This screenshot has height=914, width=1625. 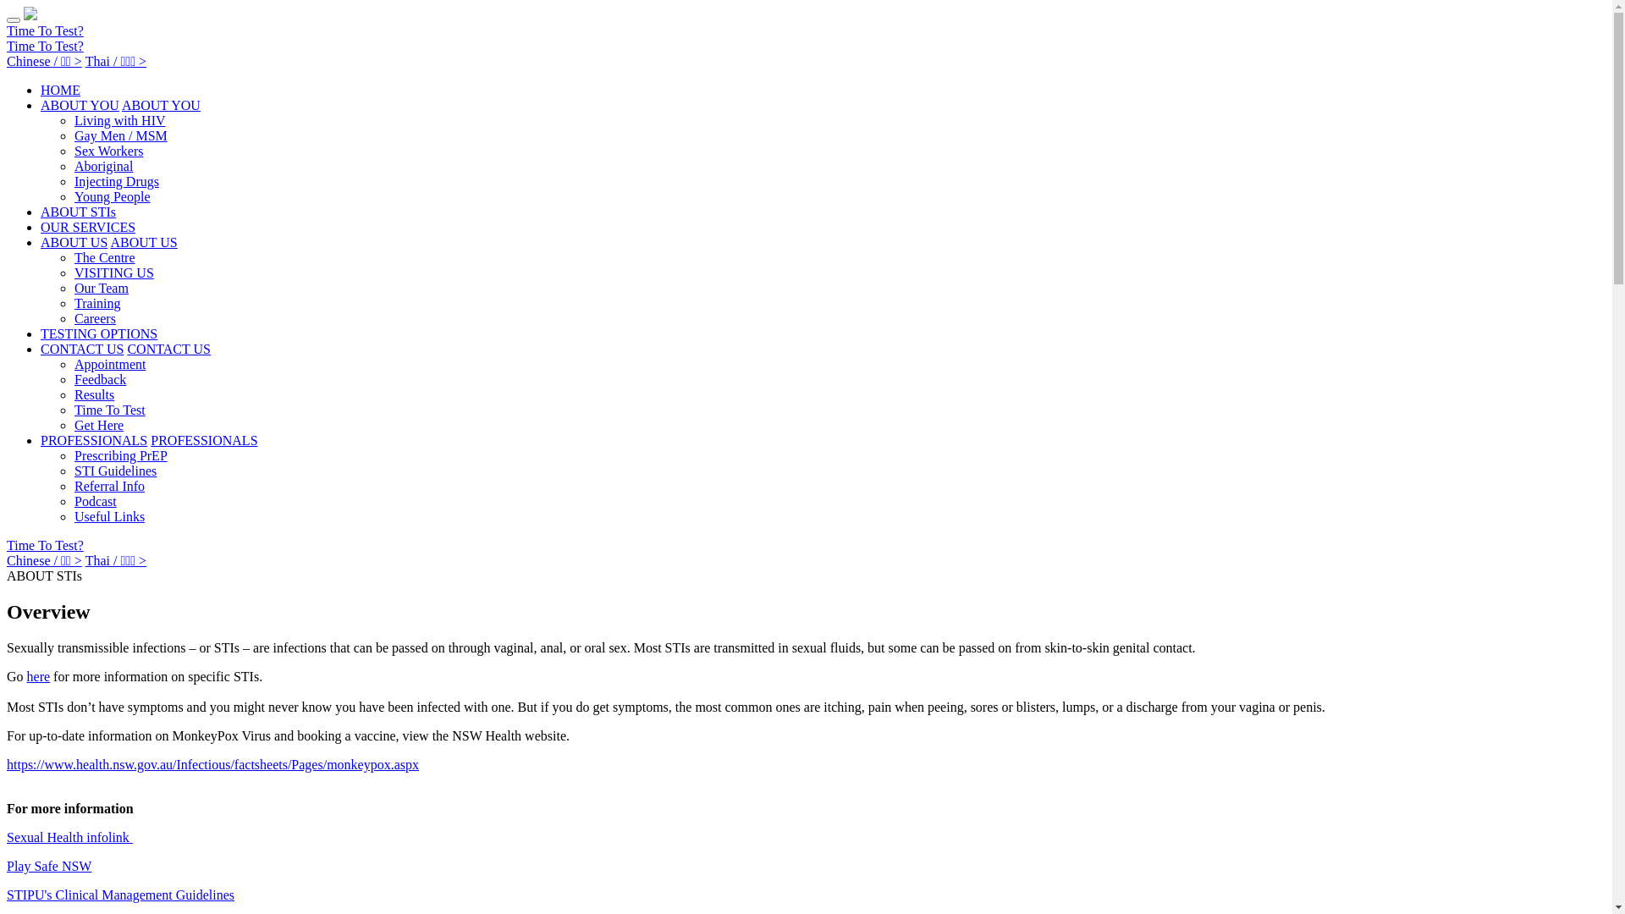 What do you see at coordinates (108, 410) in the screenshot?
I see `'Time To Test'` at bounding box center [108, 410].